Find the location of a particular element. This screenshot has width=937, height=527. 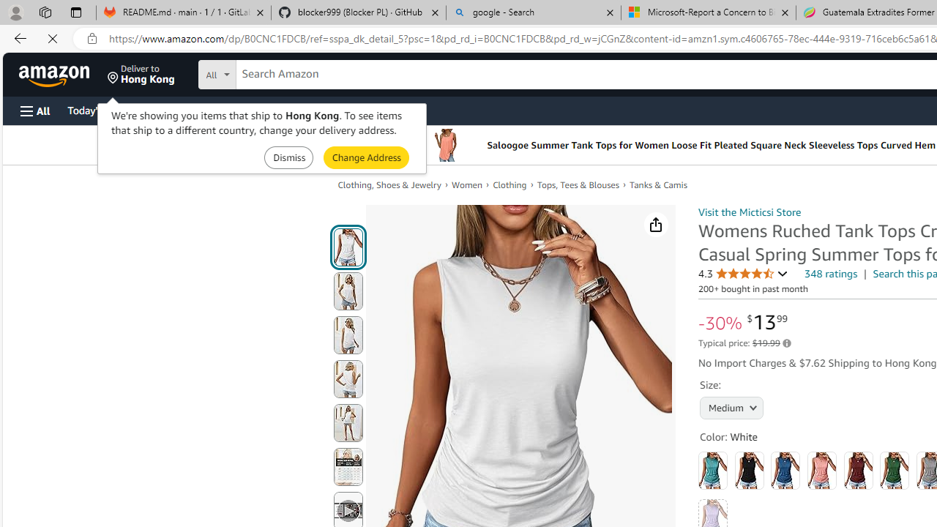

'Gift Cards' is located at coordinates (323, 109).